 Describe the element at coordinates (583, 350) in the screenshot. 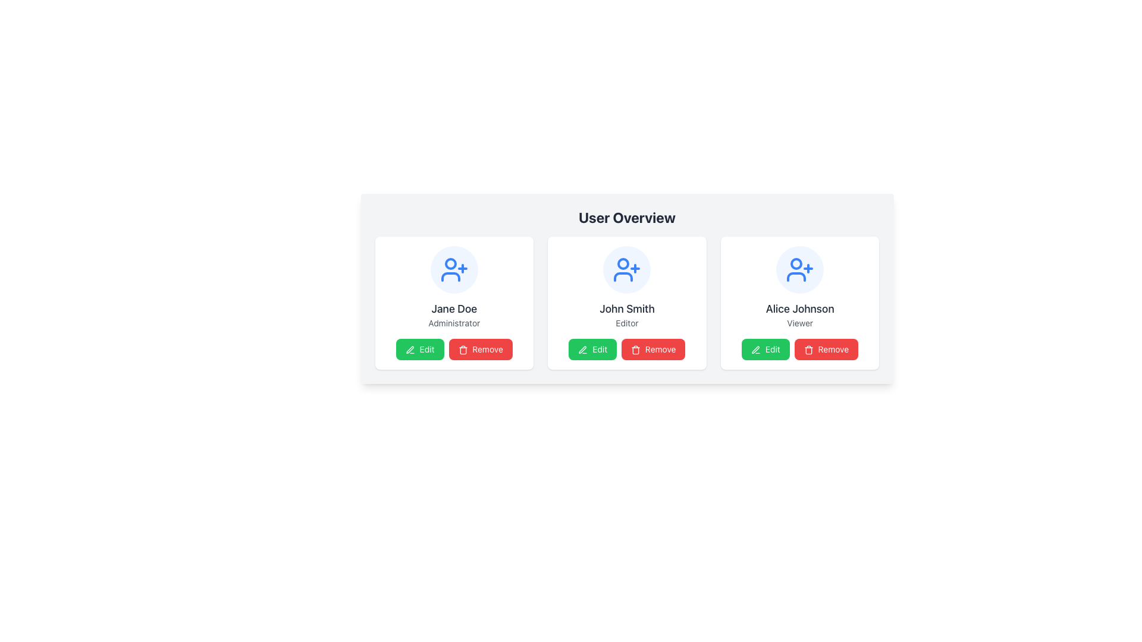

I see `the edit icon within John Smith's user card, which is an SVG image located to the left of the green 'Edit' text` at that location.